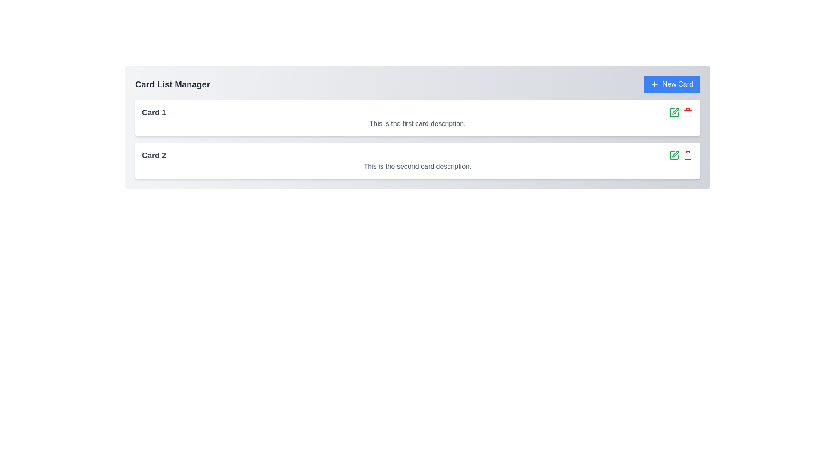 The image size is (824, 463). Describe the element at coordinates (673, 155) in the screenshot. I see `the Icon Button that allows users to edit the associated card content, located in the second card of a list interface, to potentially reveal additional information` at that location.